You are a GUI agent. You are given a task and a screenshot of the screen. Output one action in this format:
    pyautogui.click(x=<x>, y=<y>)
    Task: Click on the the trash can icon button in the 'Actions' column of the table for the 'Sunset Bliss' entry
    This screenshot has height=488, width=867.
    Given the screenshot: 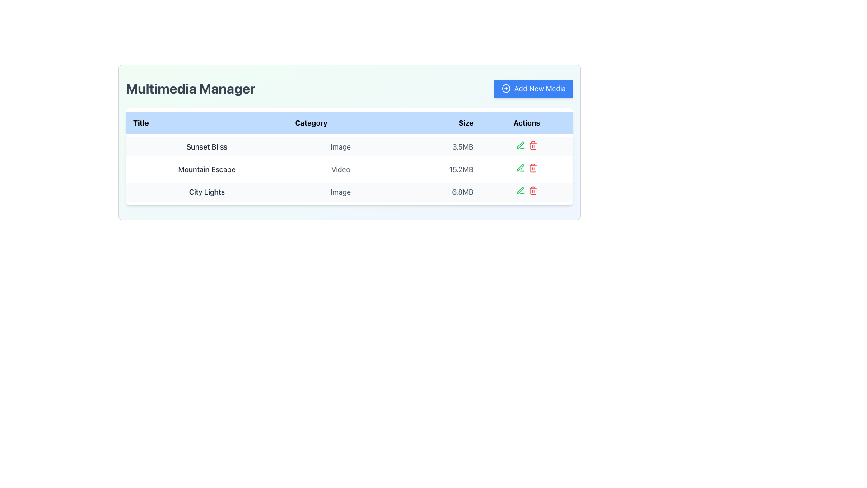 What is the action you would take?
    pyautogui.click(x=533, y=145)
    